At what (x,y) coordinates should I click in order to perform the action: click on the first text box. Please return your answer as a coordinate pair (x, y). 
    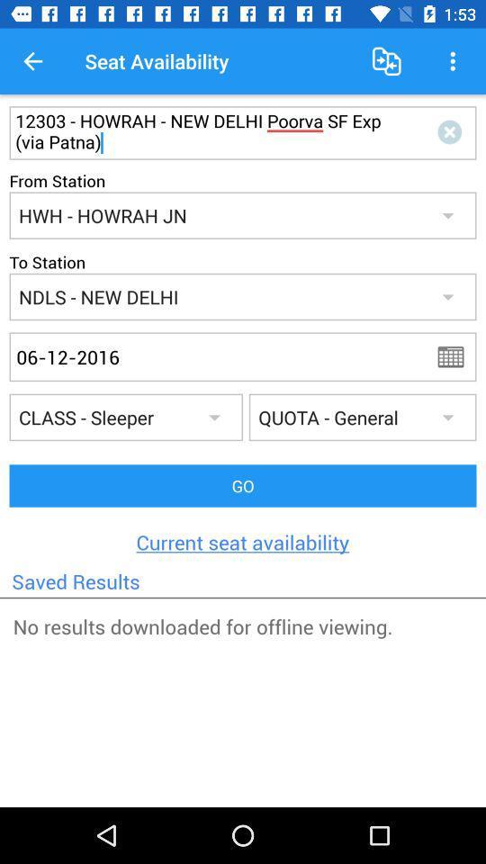
    Looking at the image, I should click on (209, 132).